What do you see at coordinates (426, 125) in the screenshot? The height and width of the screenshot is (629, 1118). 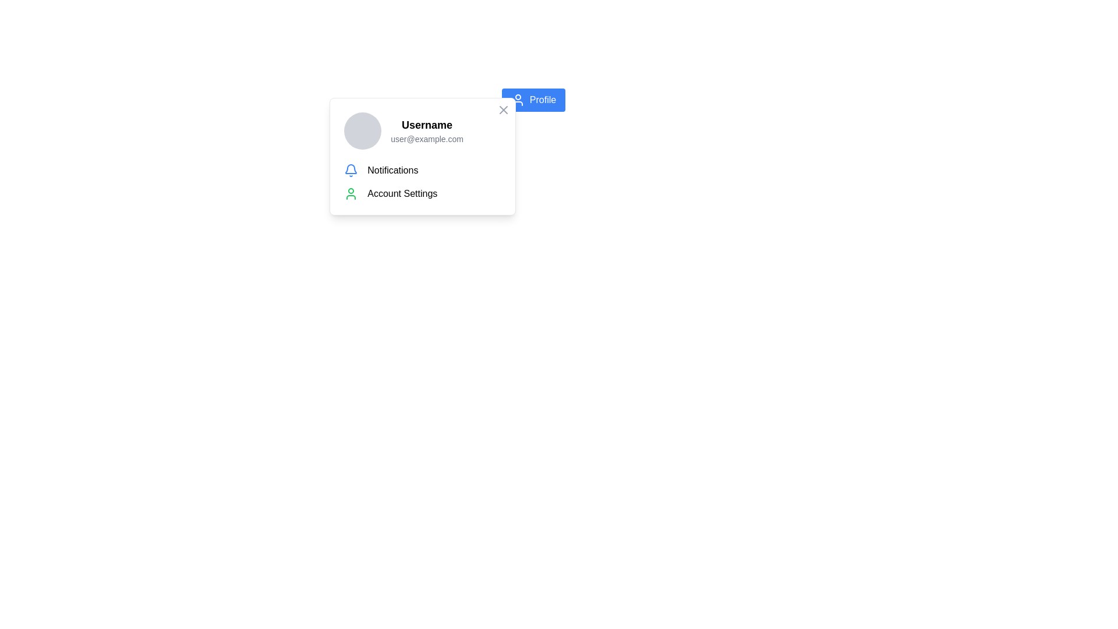 I see `bold, black 'Username' text label located at the top part of the profile card popup, positioned above the email text 'user@example.com'` at bounding box center [426, 125].